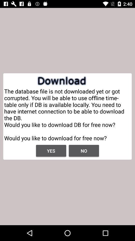 This screenshot has height=241, width=135. What do you see at coordinates (84, 151) in the screenshot?
I see `the app below the the database file` at bounding box center [84, 151].